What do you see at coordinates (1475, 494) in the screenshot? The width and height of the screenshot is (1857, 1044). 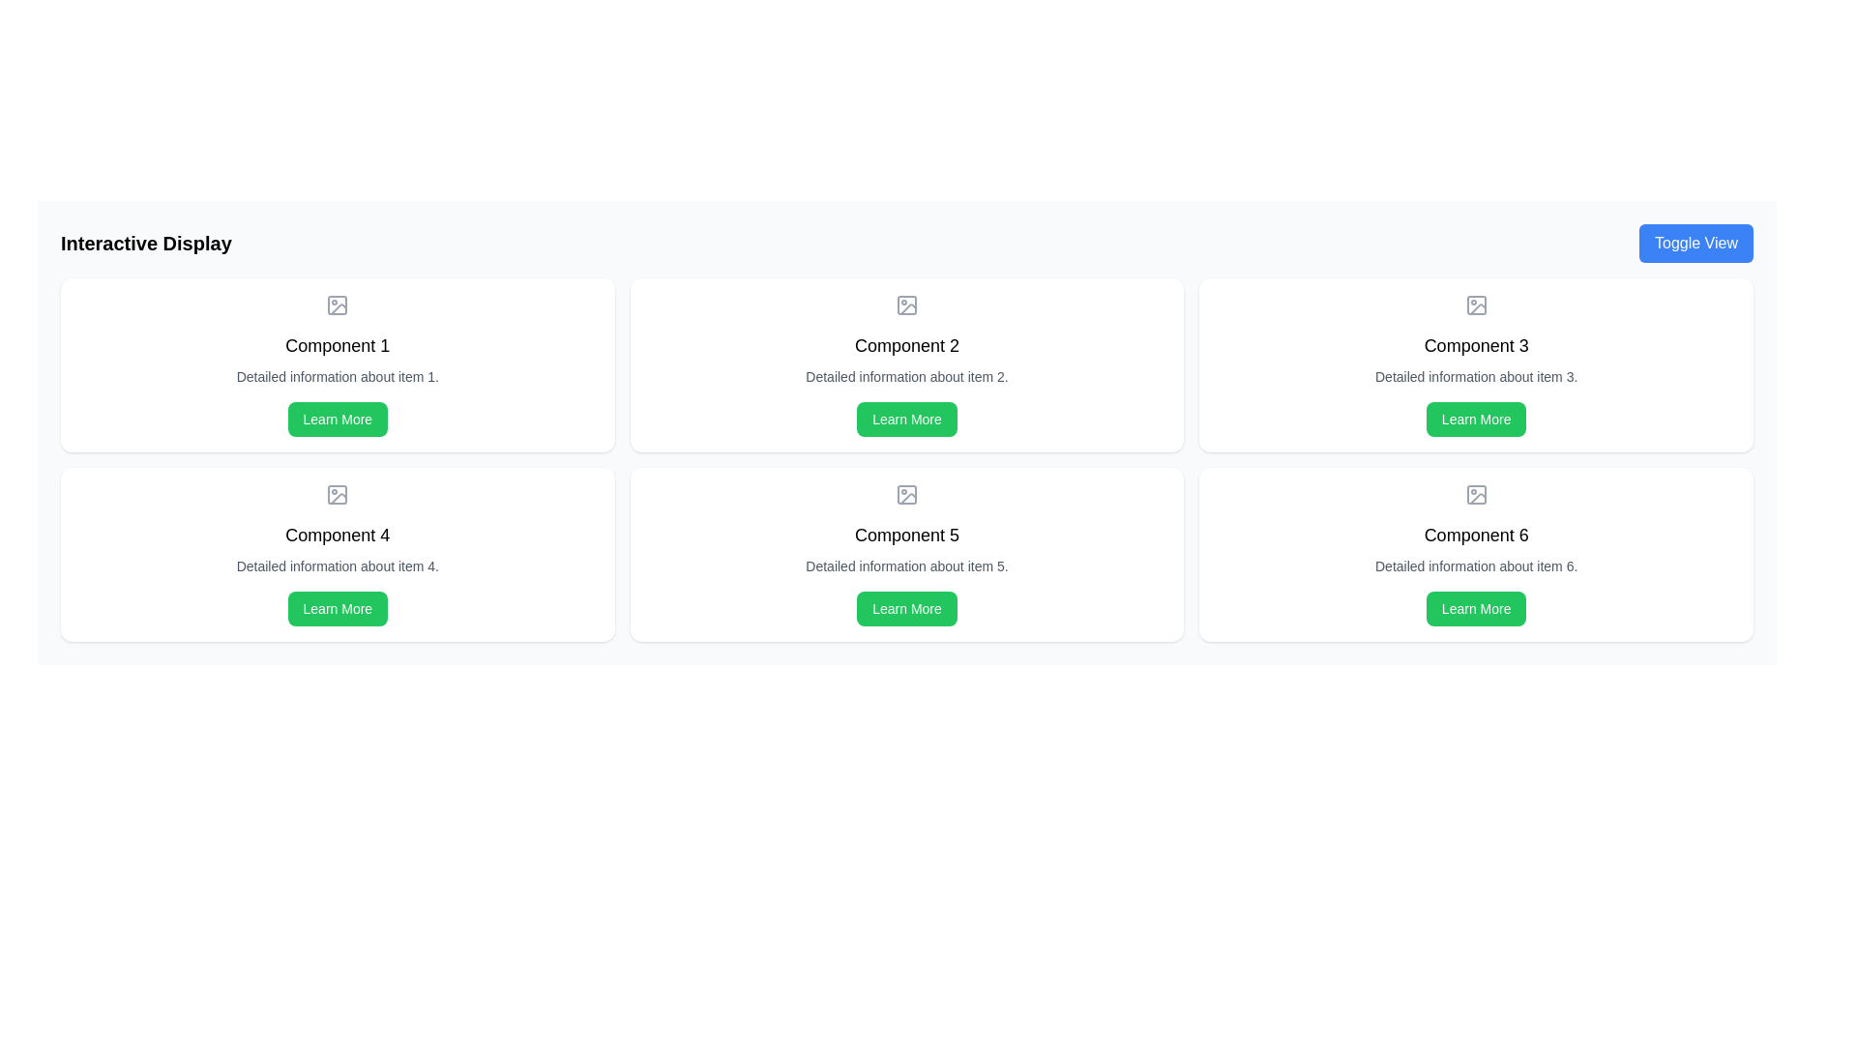 I see `the Decorative visual element that is part of the image placeholder design in the card labeled 'Component 6' located in the lower-right corner of the grid layout` at bounding box center [1475, 494].